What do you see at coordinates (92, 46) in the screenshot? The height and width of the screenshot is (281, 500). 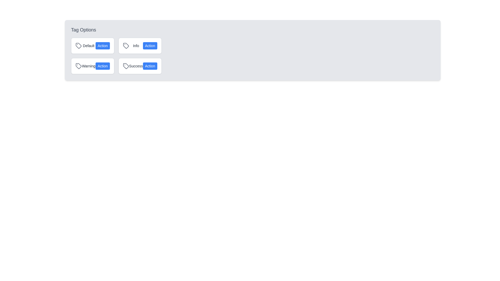 I see `the interactive card option located` at bounding box center [92, 46].